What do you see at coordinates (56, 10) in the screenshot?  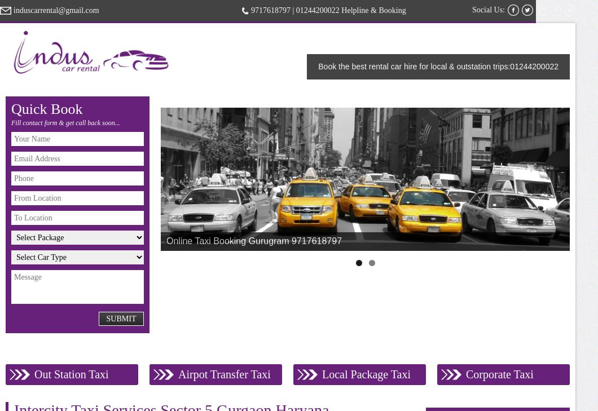 I see `'induscarrental@gmail.com'` at bounding box center [56, 10].